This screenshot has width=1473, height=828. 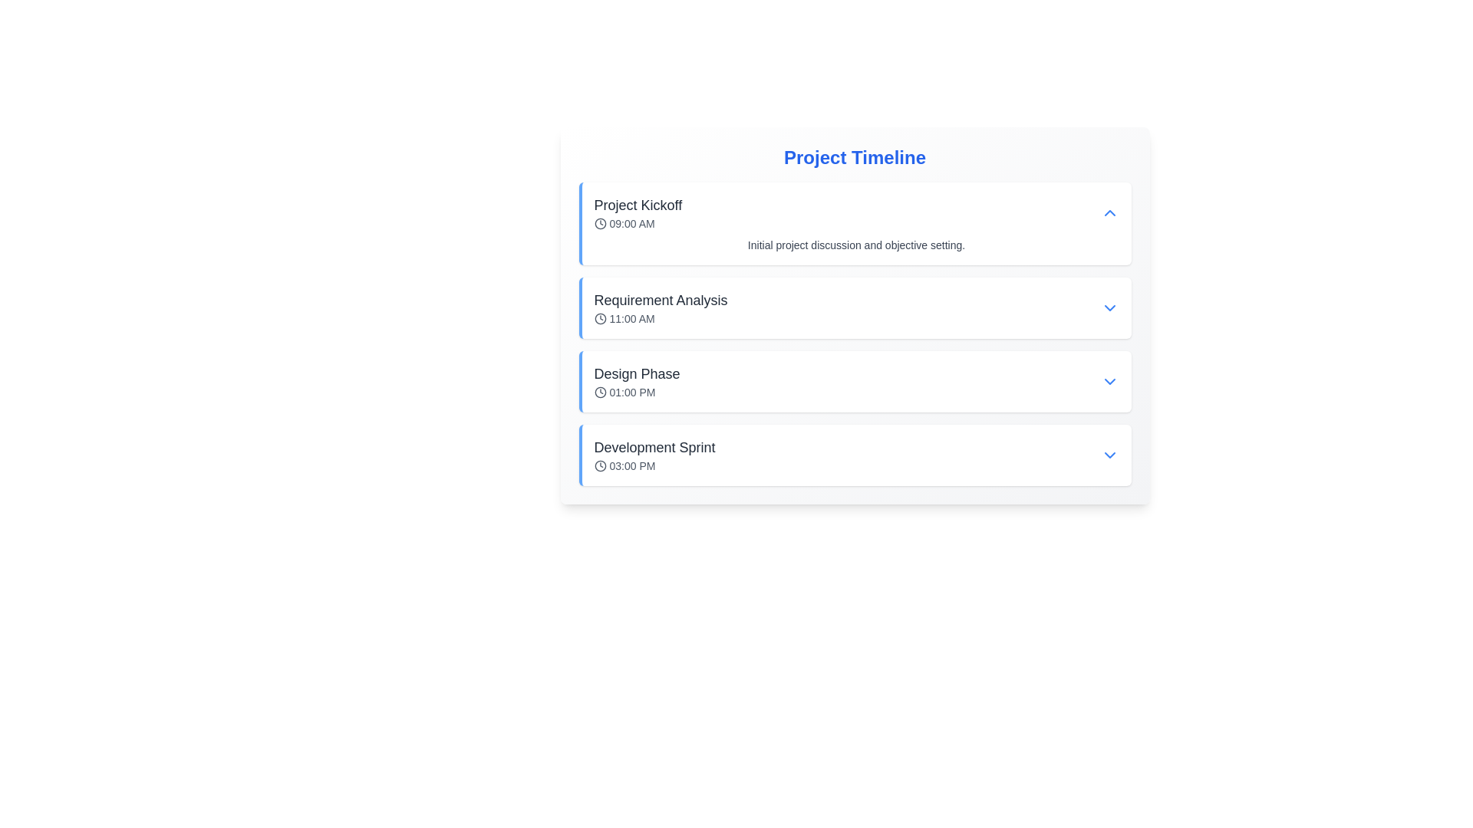 What do you see at coordinates (599, 465) in the screenshot?
I see `the small, circular clock icon located to the left of the text '03:00 PM' in the fourth section under 'Development Sprint'` at bounding box center [599, 465].